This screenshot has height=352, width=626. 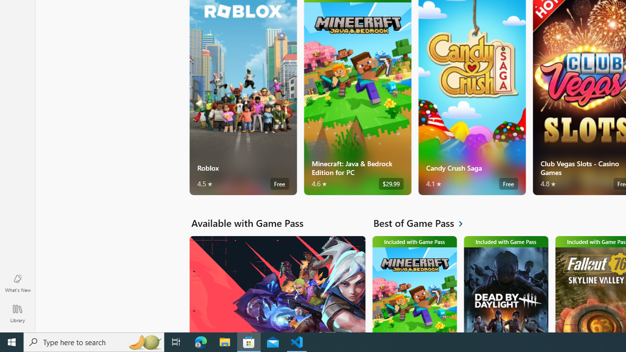 I want to click on 'Available with Game Pass. VALORANT', so click(x=277, y=284).